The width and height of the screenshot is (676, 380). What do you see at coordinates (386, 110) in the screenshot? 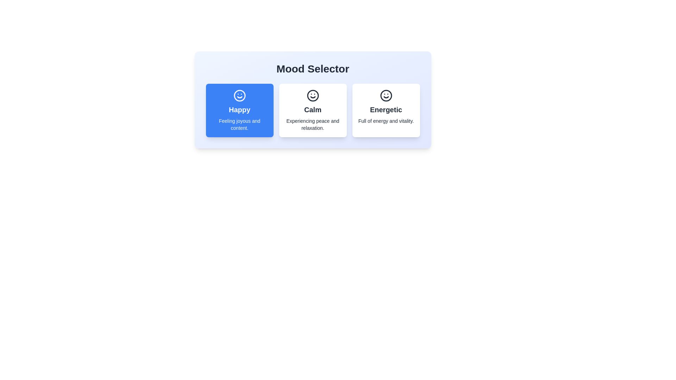
I see `the mood card corresponding to Energetic` at bounding box center [386, 110].